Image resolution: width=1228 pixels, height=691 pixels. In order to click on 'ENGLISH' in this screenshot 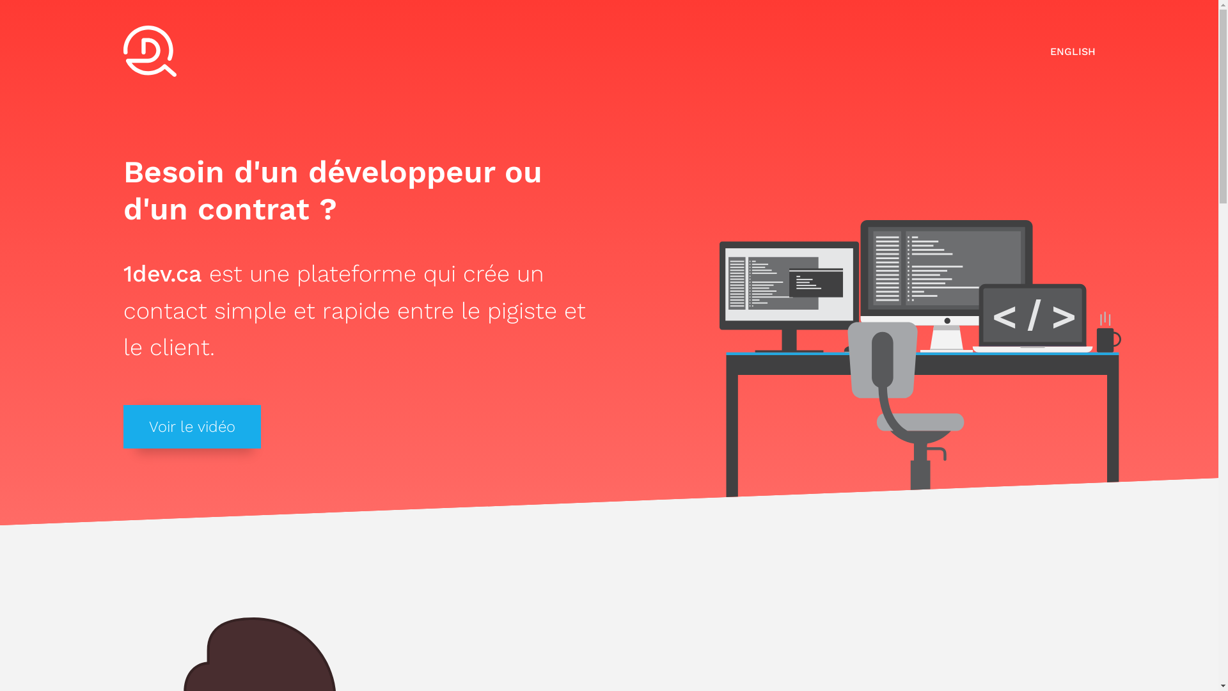, I will do `click(1073, 51)`.